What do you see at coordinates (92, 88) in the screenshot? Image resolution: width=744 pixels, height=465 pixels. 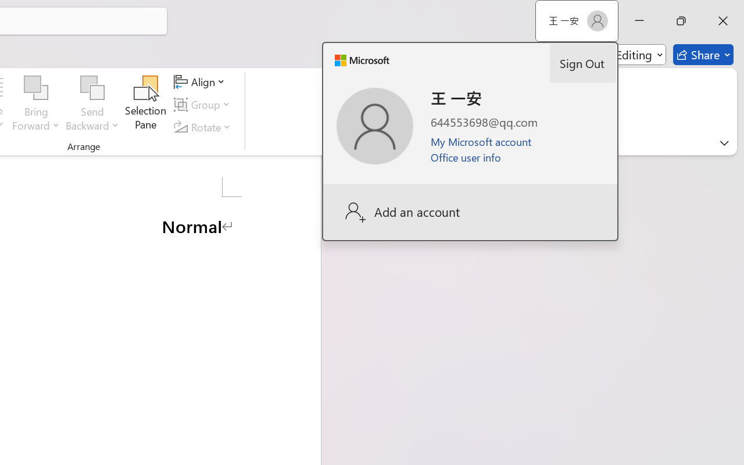 I see `'Send Backward'` at bounding box center [92, 88].